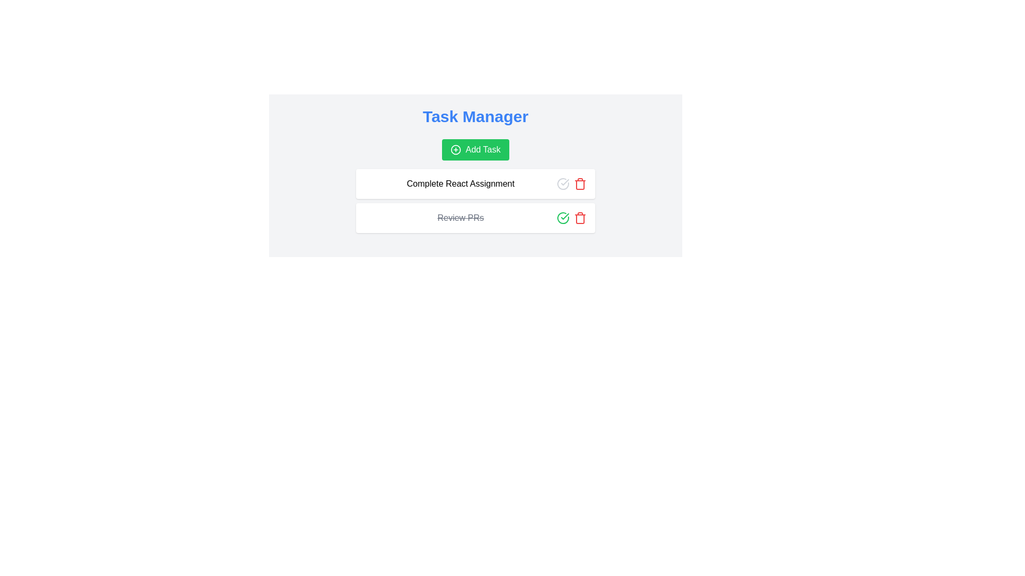 The height and width of the screenshot is (576, 1025). I want to click on the green checkmark icon next to the 'Review PRs' text to mark the task as completed, so click(564, 216).